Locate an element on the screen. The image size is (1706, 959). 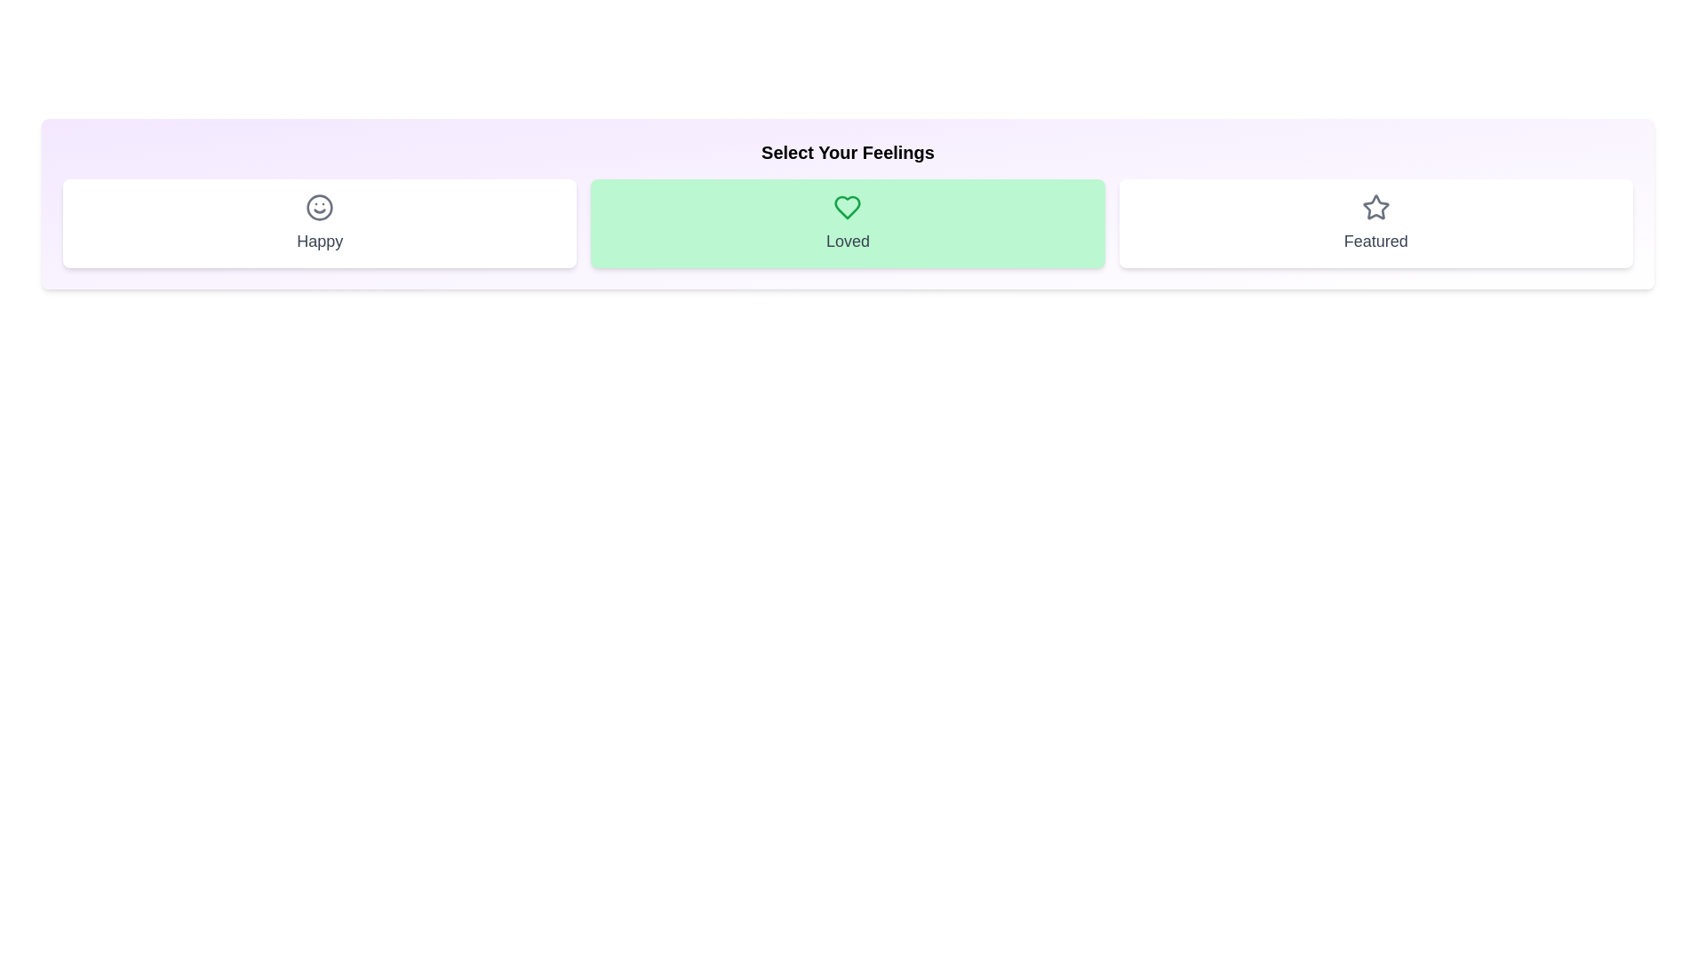
the chip labeled Happy is located at coordinates (320, 222).